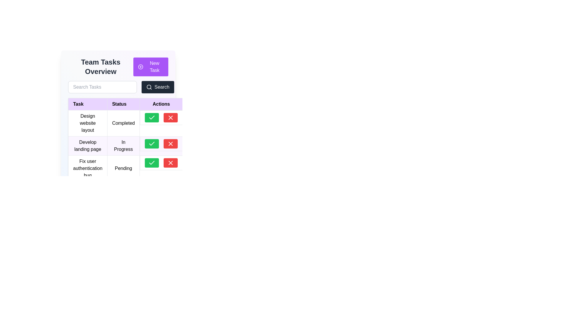 Image resolution: width=564 pixels, height=317 pixels. What do you see at coordinates (152, 118) in the screenshot?
I see `the button in the 'Actions' column to mark the task 'Design website layout' as completed` at bounding box center [152, 118].